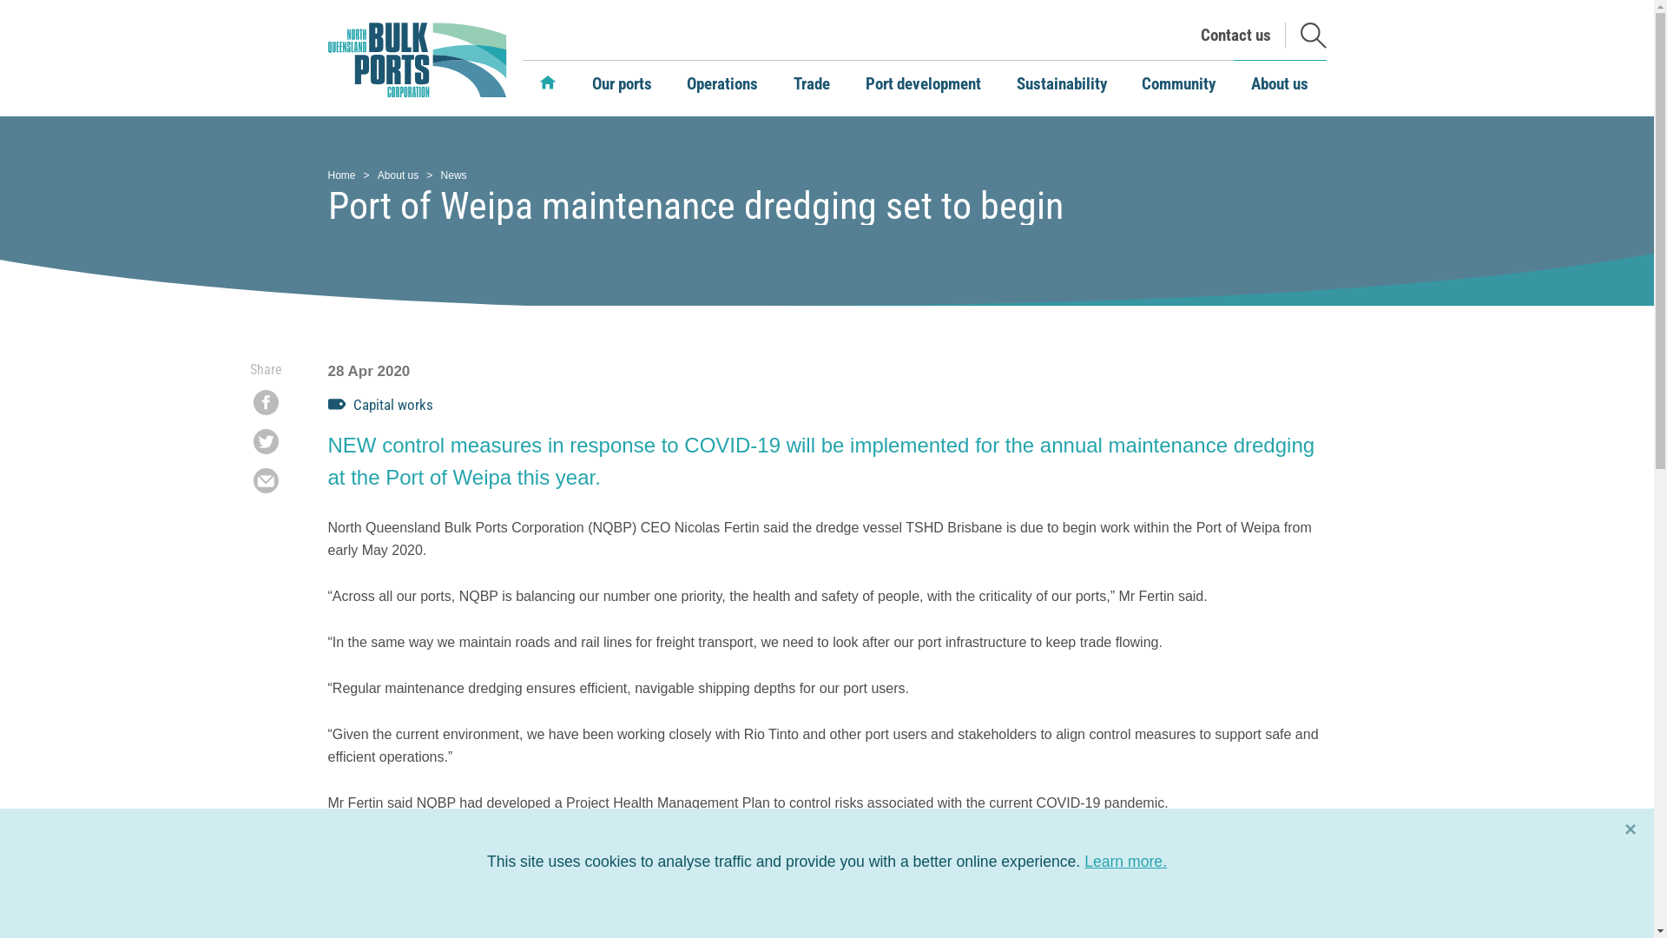  Describe the element at coordinates (265, 405) in the screenshot. I see `'Share on Facebook'` at that location.